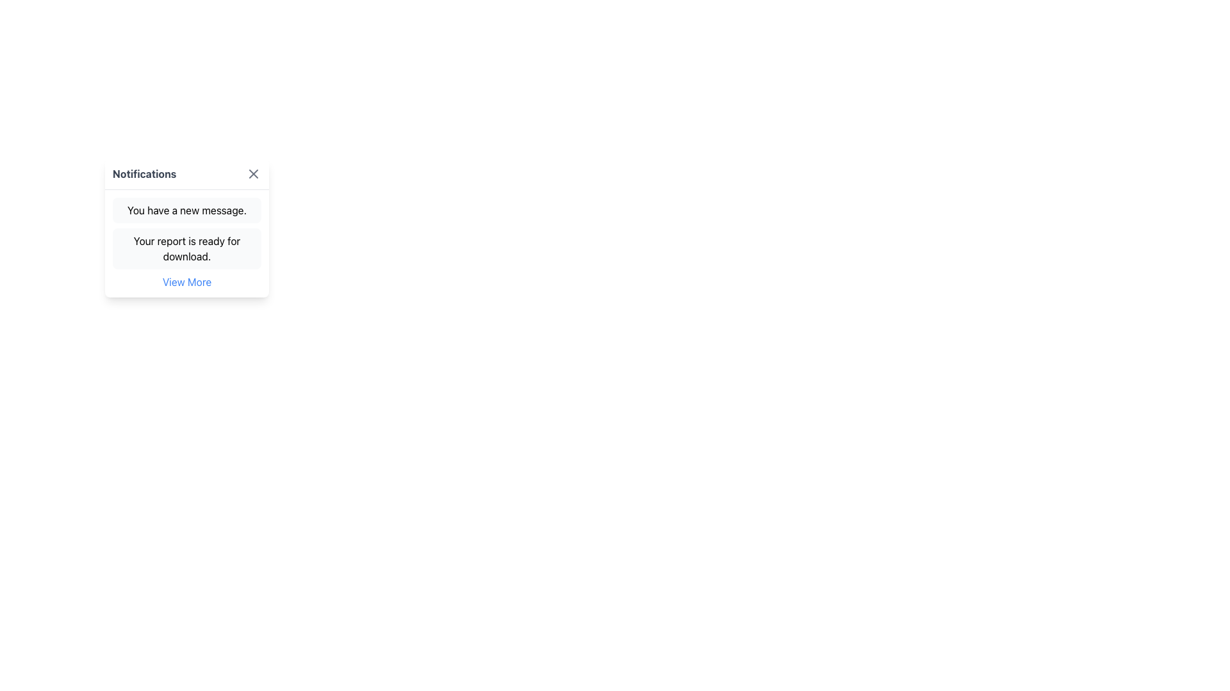 This screenshot has height=691, width=1230. I want to click on the close button located at the top right corner of the notification popup, so click(253, 174).